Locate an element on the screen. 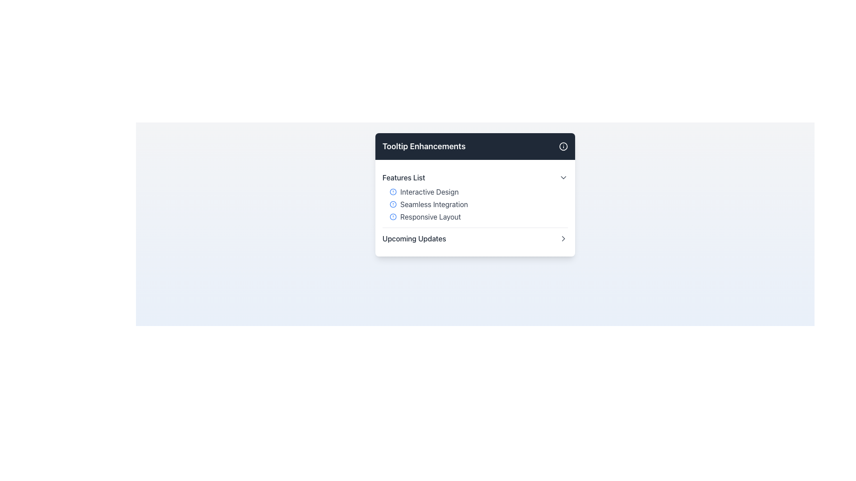  circular outline element rendered in light blue, located to the left of 'Seamless Integration' in the Features List section is located at coordinates (393, 204).